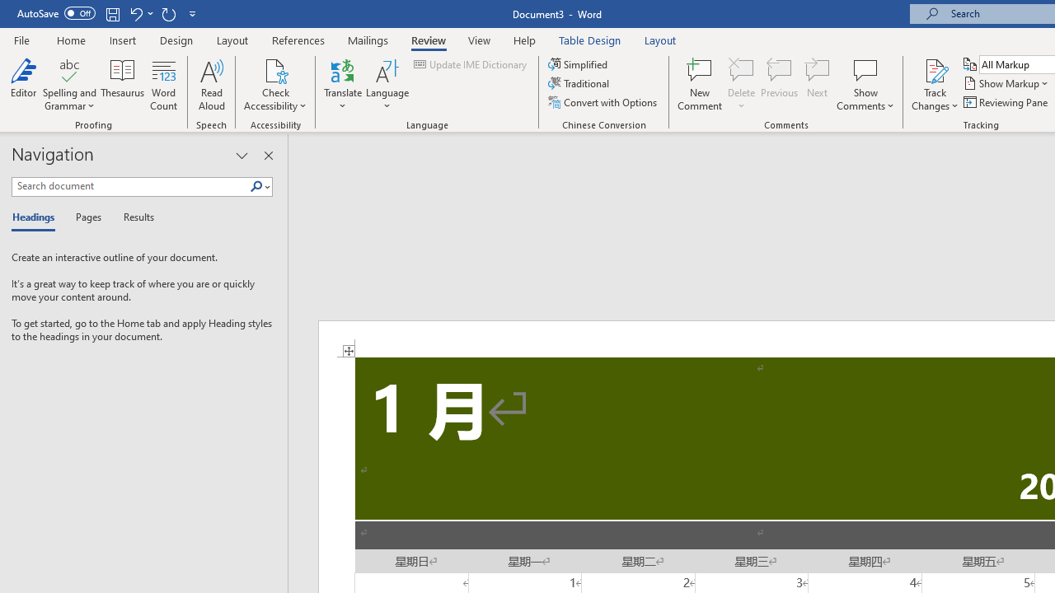  I want to click on 'Delete', so click(741, 85).